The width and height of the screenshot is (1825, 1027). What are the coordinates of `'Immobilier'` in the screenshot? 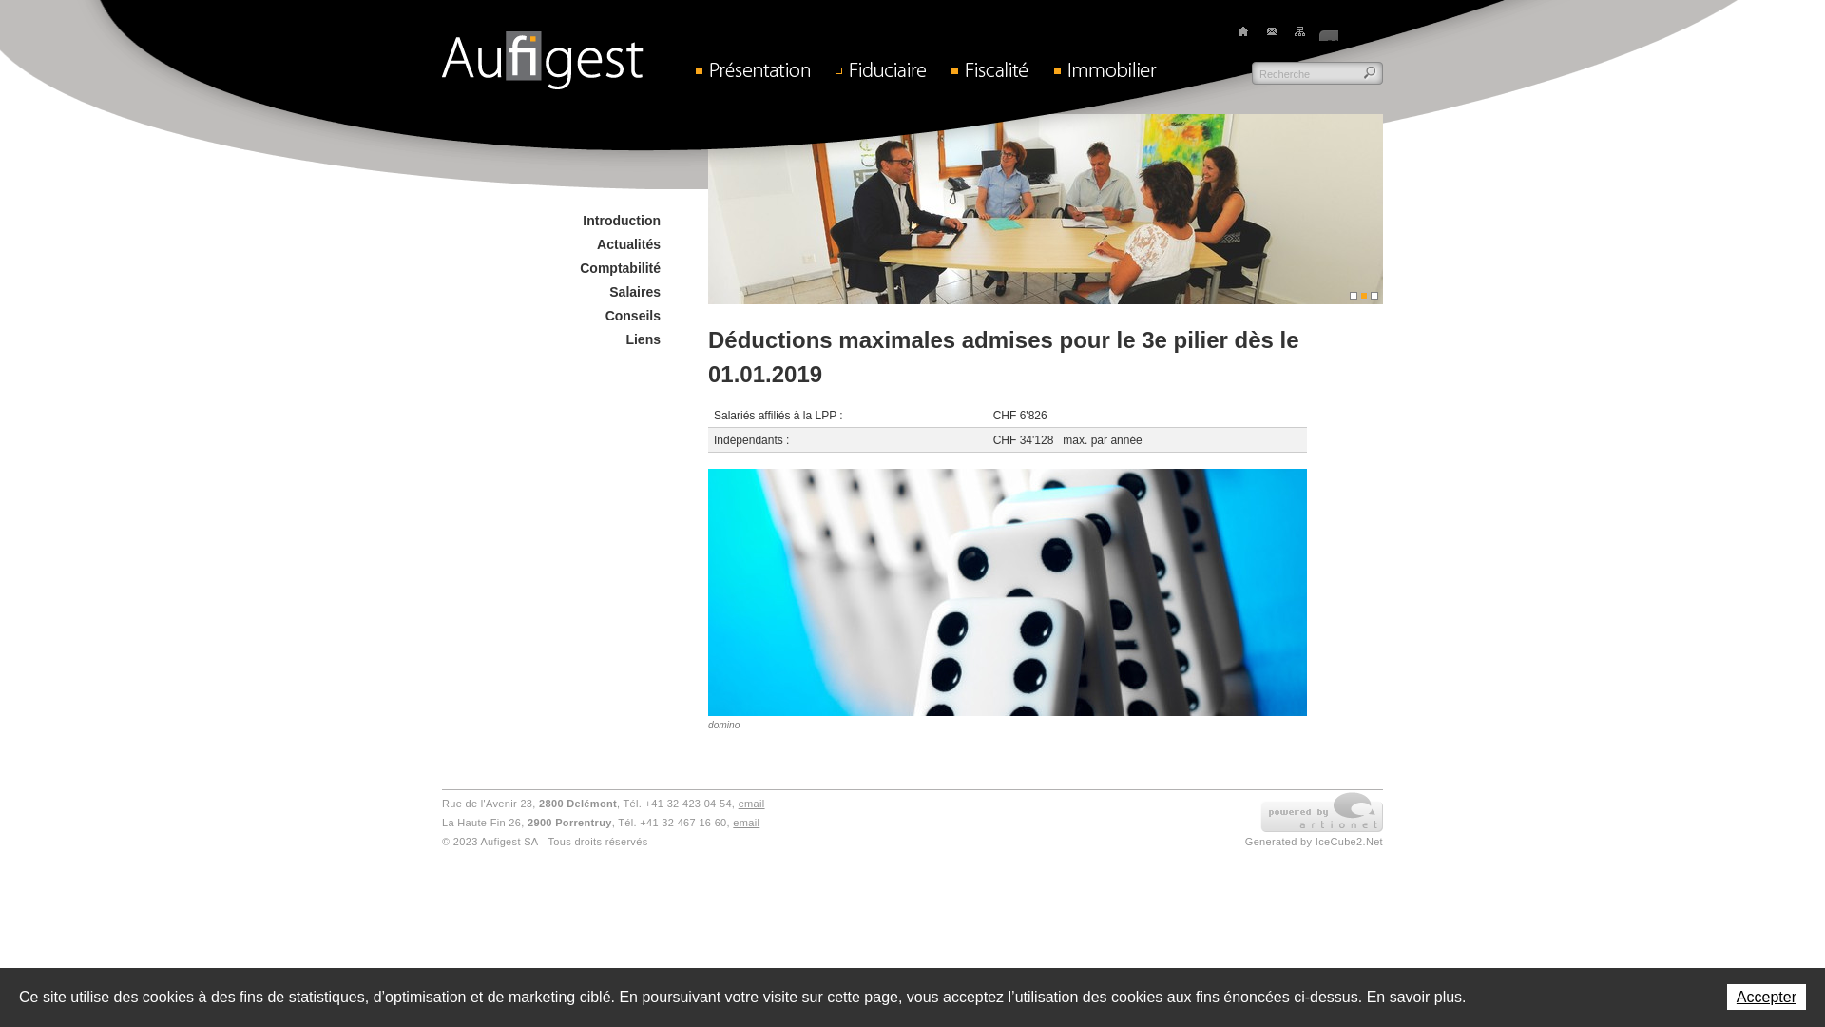 It's located at (1115, 68).